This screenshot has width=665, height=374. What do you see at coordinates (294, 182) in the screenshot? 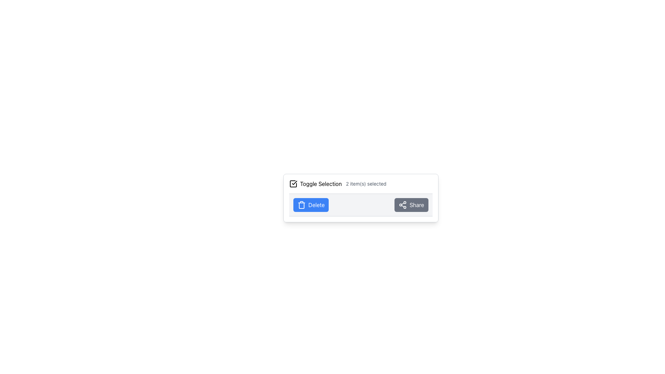
I see `the state of the icon or vector graphic located in the top-left corner of the pop-up action card, which serves as a visual indication of an active state, completed task, or selection marker` at bounding box center [294, 182].